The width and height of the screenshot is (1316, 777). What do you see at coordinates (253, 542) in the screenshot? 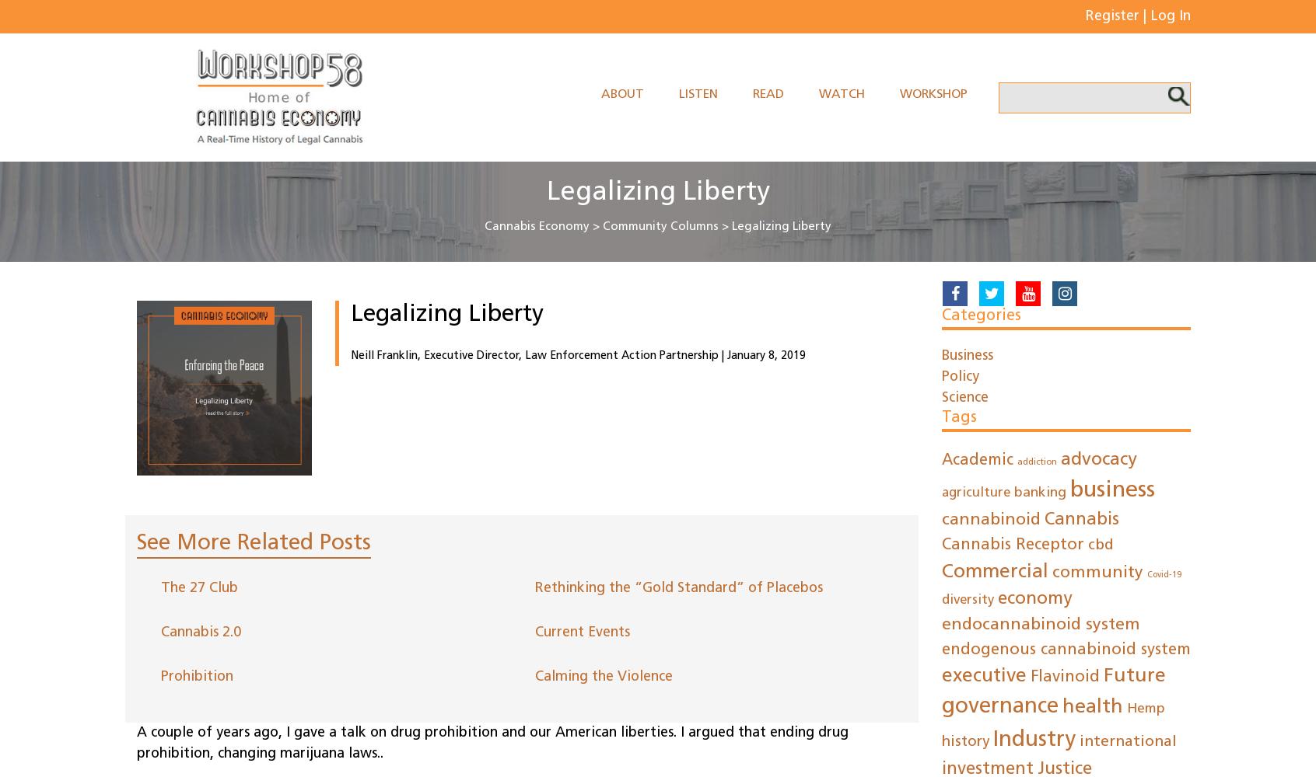
I see `'See More Related Posts'` at bounding box center [253, 542].